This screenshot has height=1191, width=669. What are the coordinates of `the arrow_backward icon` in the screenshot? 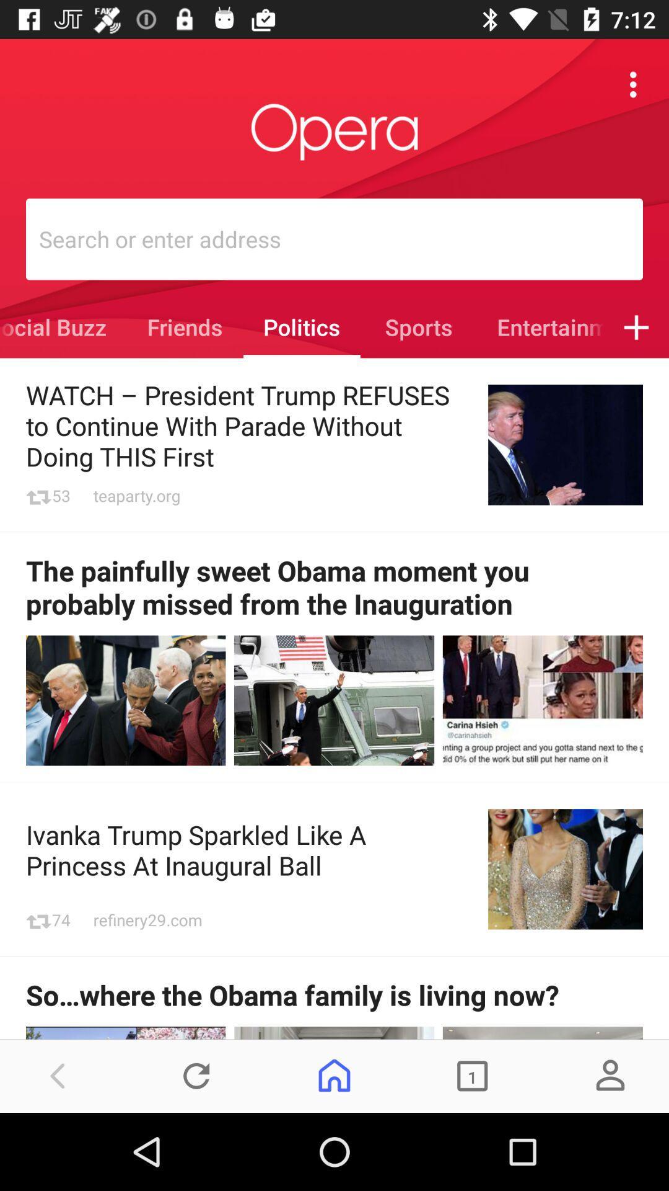 It's located at (58, 1075).